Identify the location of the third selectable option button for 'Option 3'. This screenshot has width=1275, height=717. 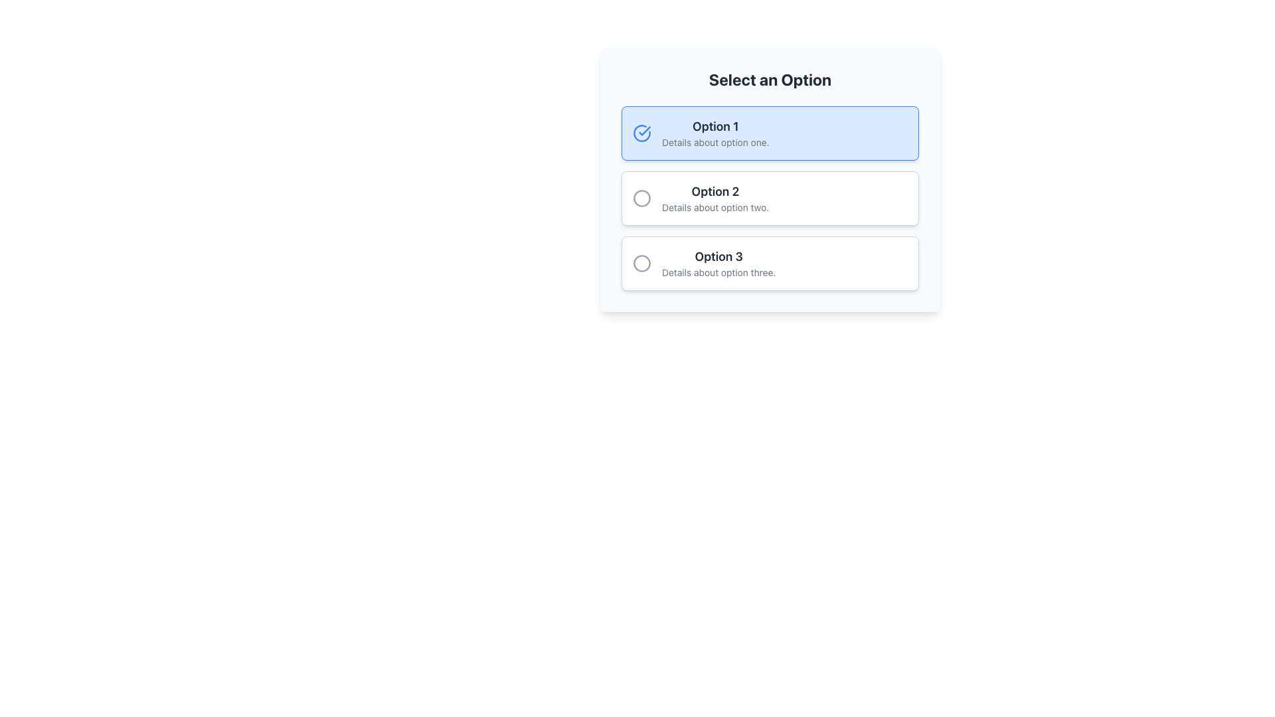
(770, 264).